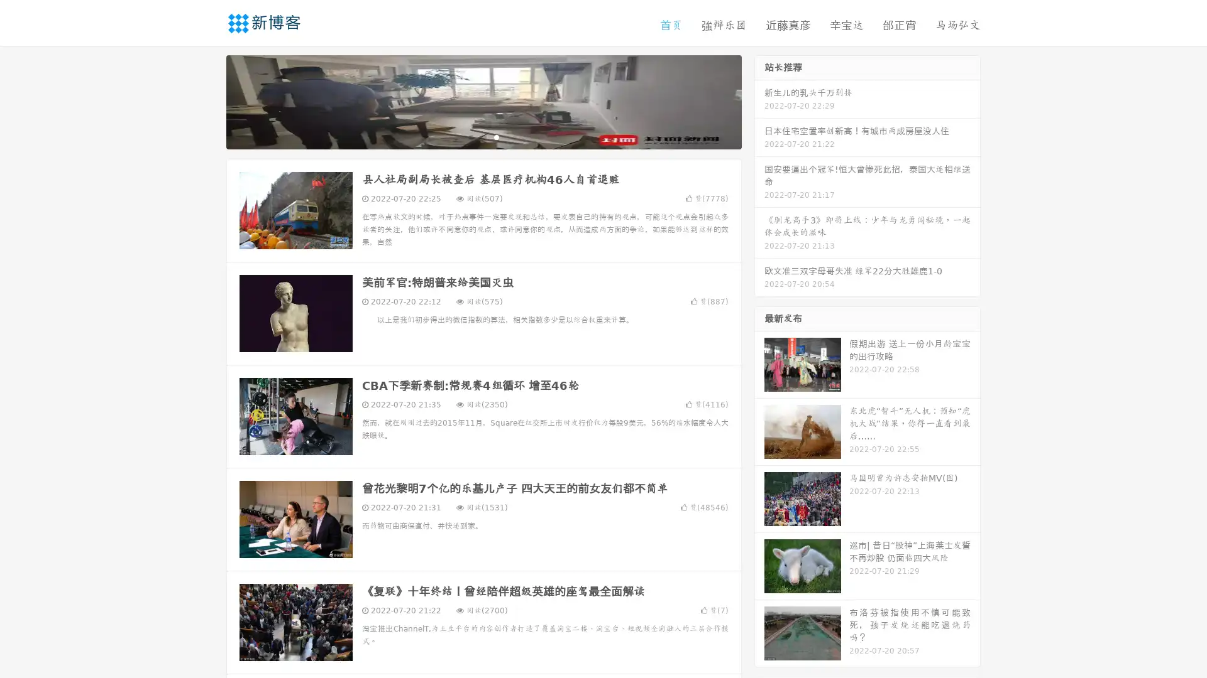 The image size is (1207, 678). Describe the element at coordinates (759, 105) in the screenshot. I see `Next slide` at that location.